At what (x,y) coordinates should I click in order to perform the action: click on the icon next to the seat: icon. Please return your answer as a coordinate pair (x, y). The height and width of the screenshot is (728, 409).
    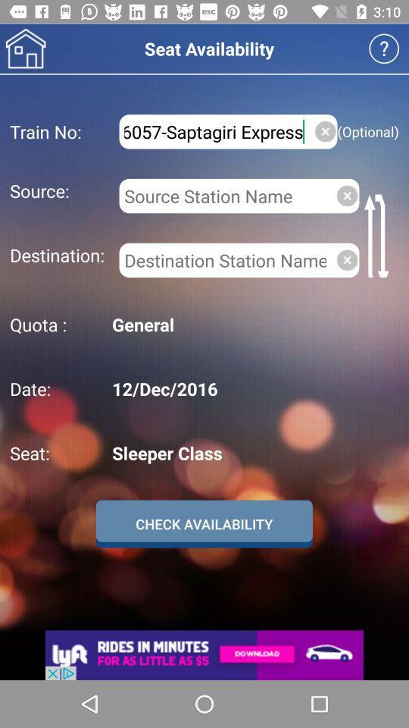
    Looking at the image, I should click on (253, 453).